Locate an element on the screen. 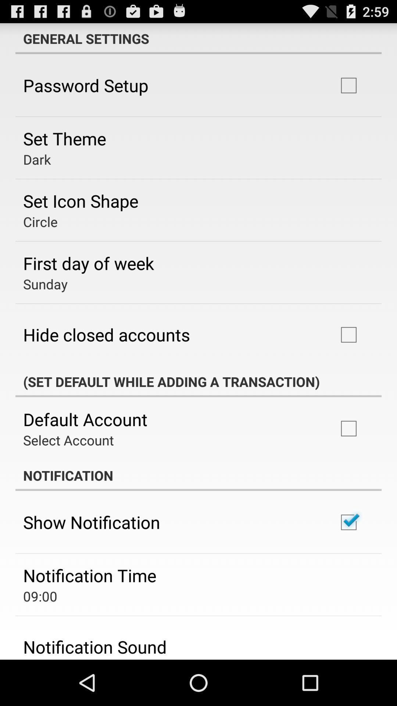 The height and width of the screenshot is (706, 397). first day of app is located at coordinates (88, 263).